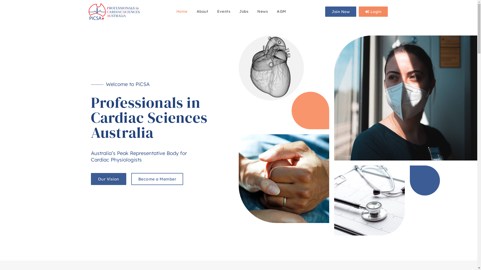 The height and width of the screenshot is (270, 481). What do you see at coordinates (157, 179) in the screenshot?
I see `'Become a Member'` at bounding box center [157, 179].